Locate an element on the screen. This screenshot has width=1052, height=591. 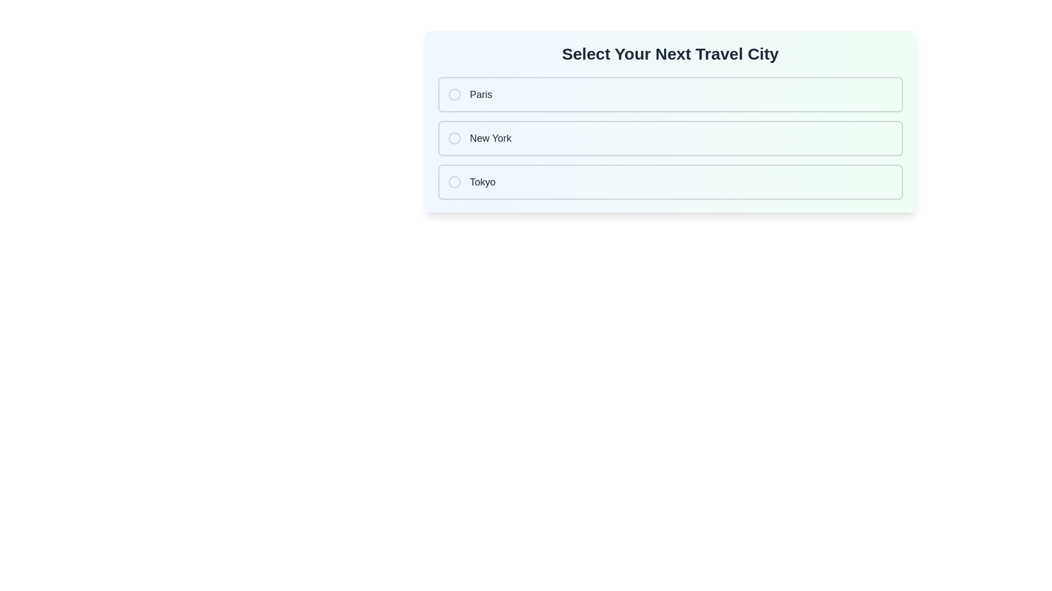
the third radio button labeled 'Tokyo' is located at coordinates (670, 181).